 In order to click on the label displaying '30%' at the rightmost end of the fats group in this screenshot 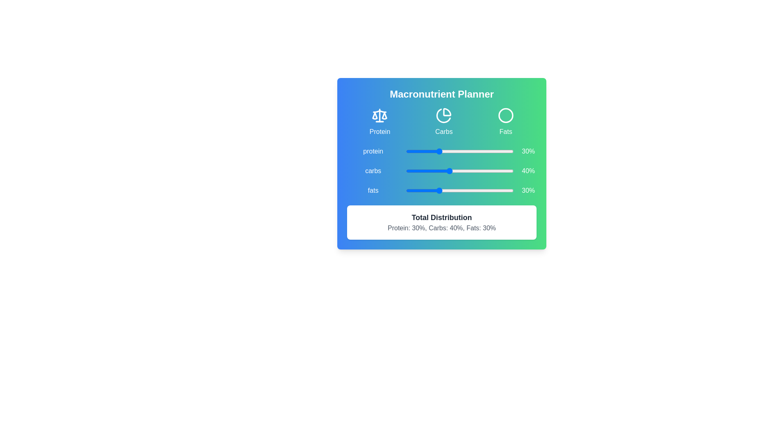, I will do `click(528, 190)`.